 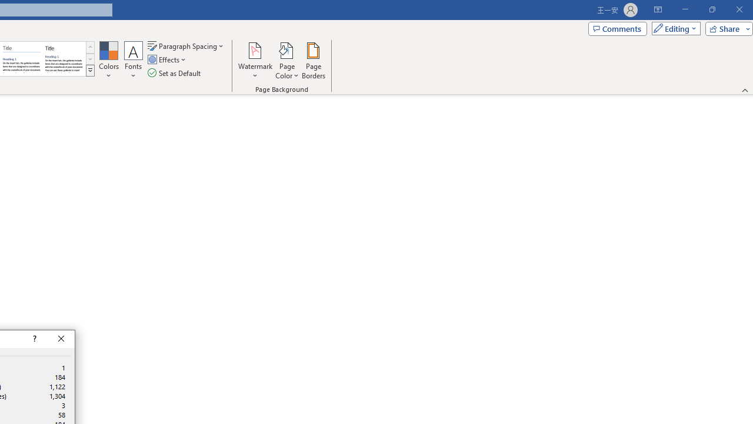 What do you see at coordinates (89, 71) in the screenshot?
I see `'Style Set'` at bounding box center [89, 71].